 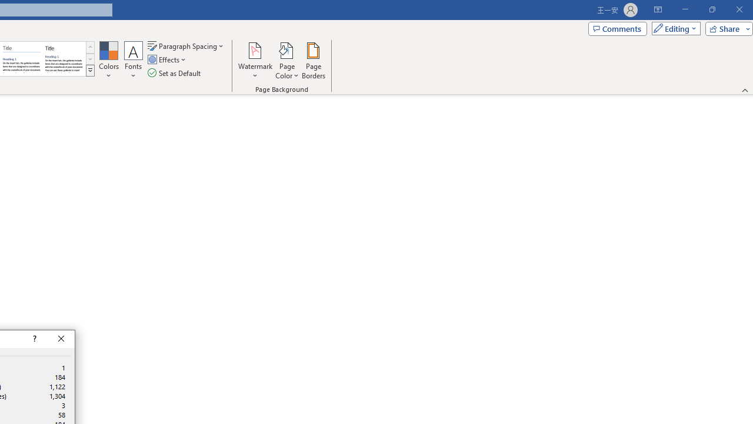 What do you see at coordinates (89, 71) in the screenshot?
I see `'Style Set'` at bounding box center [89, 71].